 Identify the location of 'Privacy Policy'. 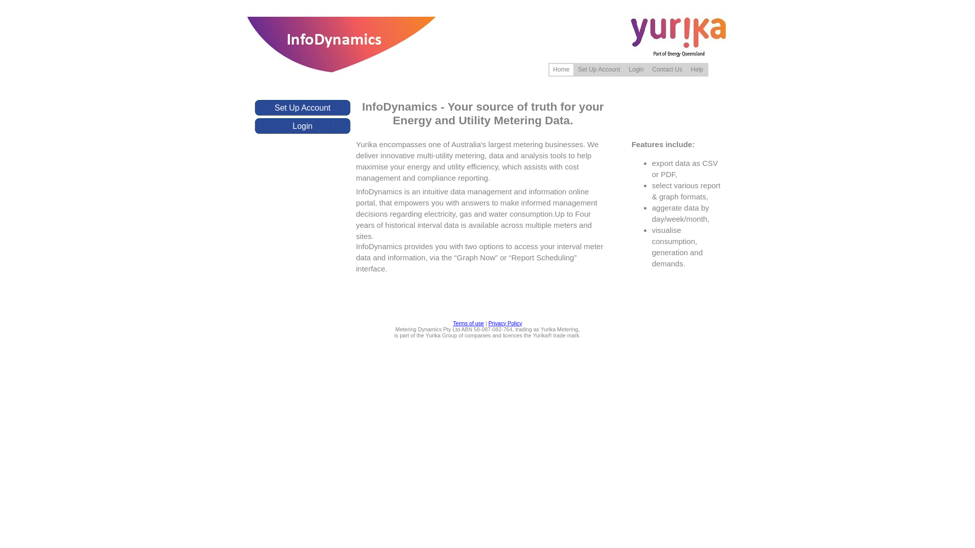
(488, 323).